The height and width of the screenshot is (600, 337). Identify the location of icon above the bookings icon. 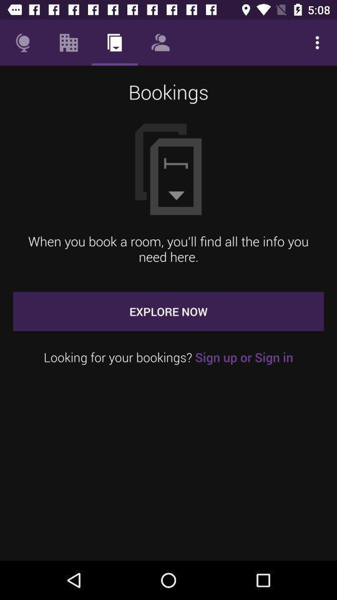
(22, 42).